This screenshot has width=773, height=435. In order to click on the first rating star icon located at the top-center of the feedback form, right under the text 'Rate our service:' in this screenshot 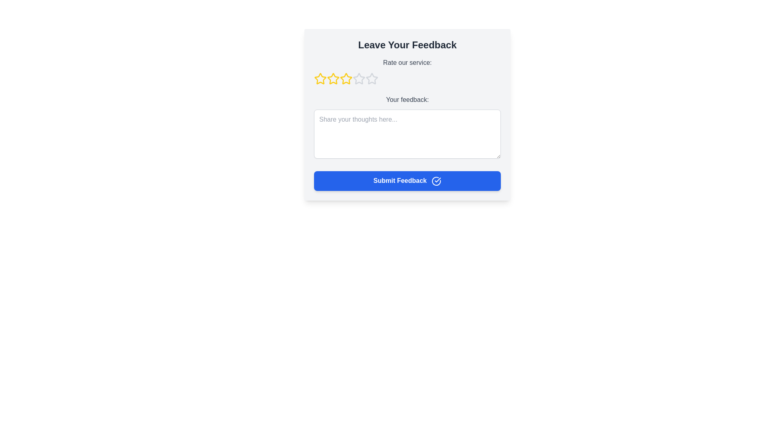, I will do `click(320, 79)`.